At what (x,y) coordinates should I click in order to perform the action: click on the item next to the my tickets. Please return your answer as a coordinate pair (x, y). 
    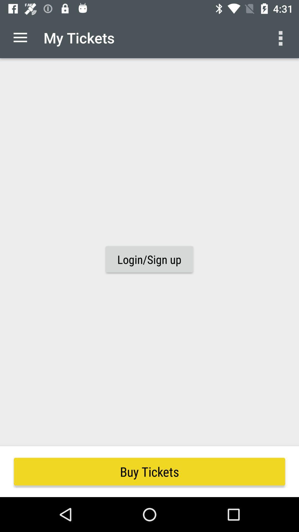
    Looking at the image, I should click on (282, 37).